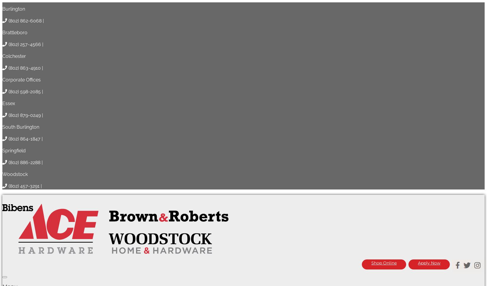  Describe the element at coordinates (238, 245) in the screenshot. I see `'– Mrs. Meyer’s Clean Day Geranium Products are one of a kind. Oh so pleasing to the eyes on bright summer days, geraniums are said to uplift and soothe the mind with their refreshing floral scent. Mrs. Meyer’s Clean Day GERANIUM PRODUCTS give you peace of mind while you clean, and as always, are biodegradable and environmentally friendly.'` at that location.